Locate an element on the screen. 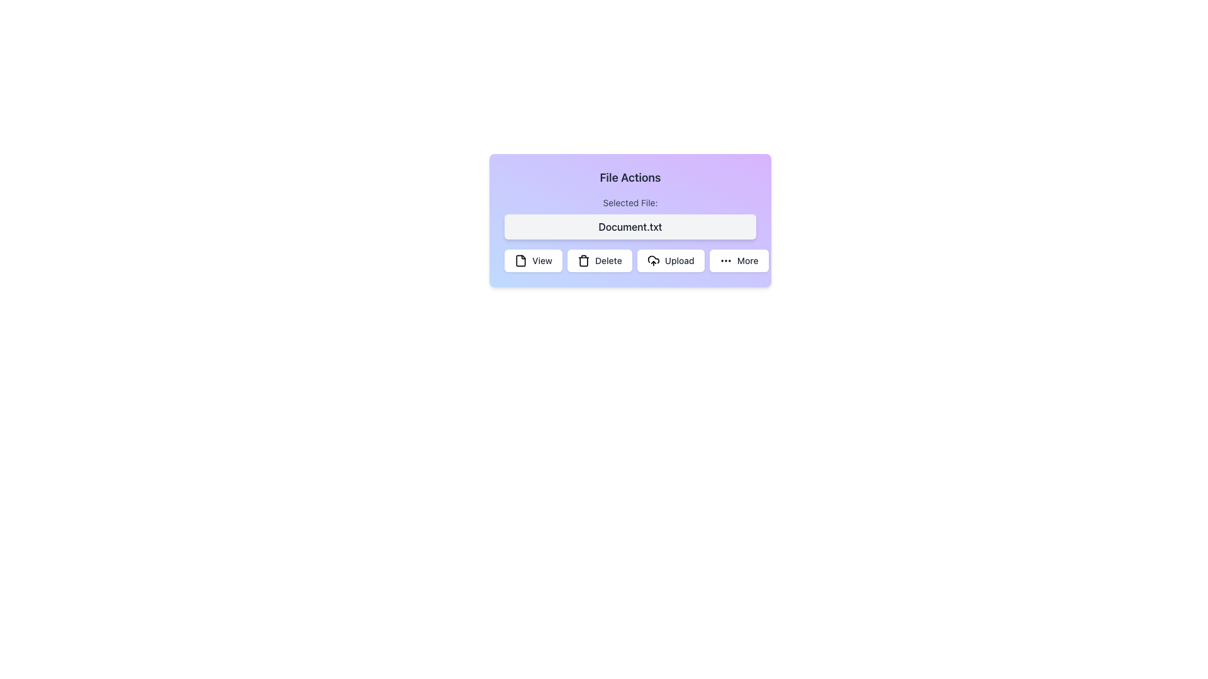  the static text label within the Delete button, which clarifies the button's function, positioned to the right of a trash can icon is located at coordinates (608, 260).